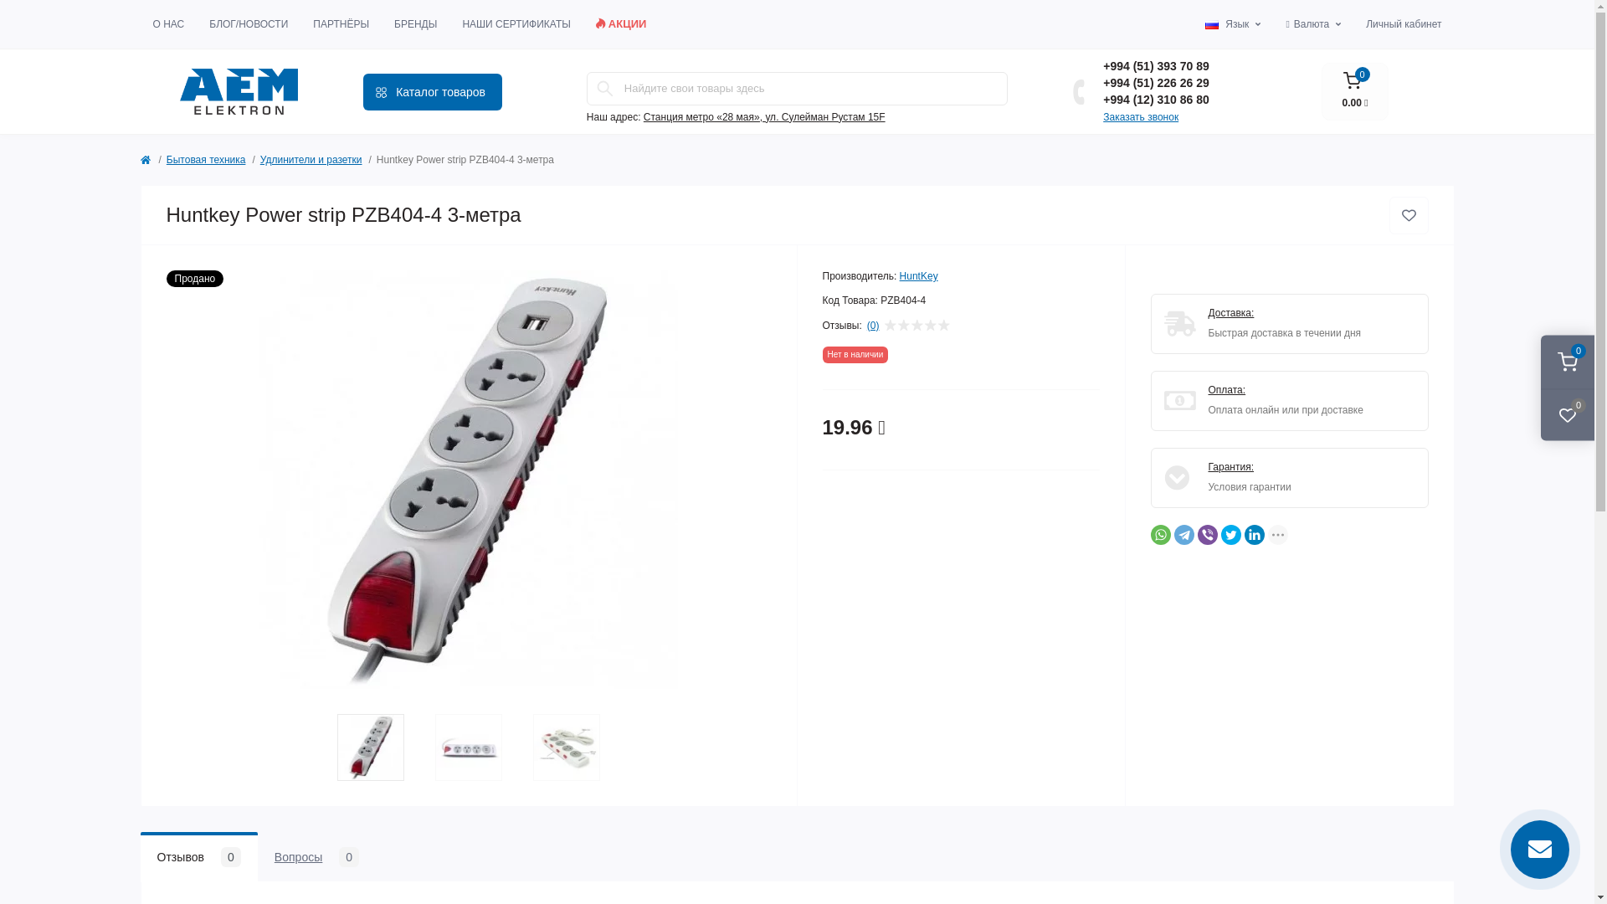 This screenshot has height=904, width=1607. I want to click on 'LinkedIn', so click(1244, 535).